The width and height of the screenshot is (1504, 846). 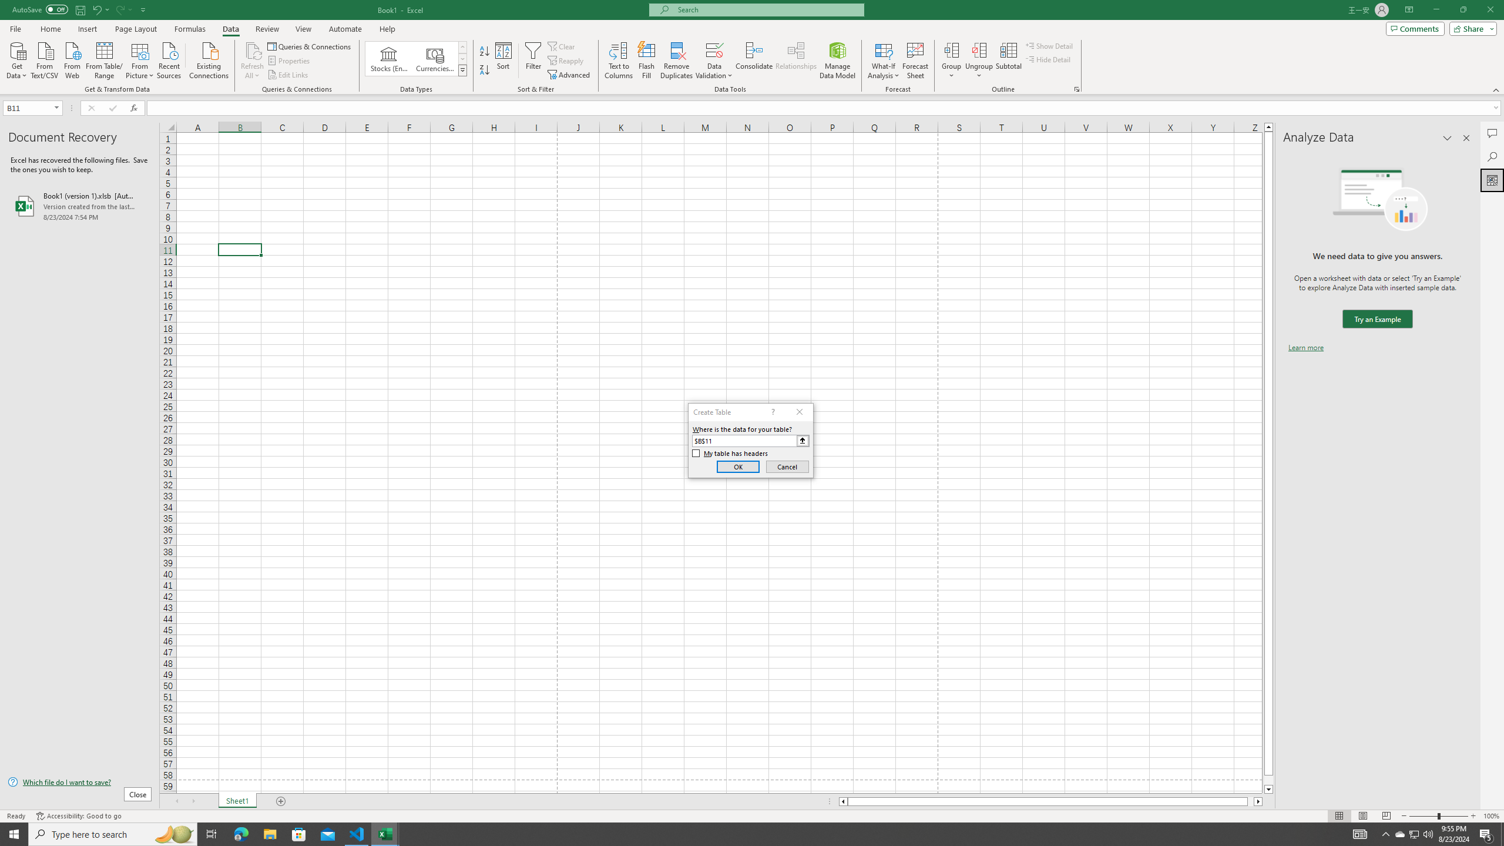 I want to click on 'Insert', so click(x=86, y=29).